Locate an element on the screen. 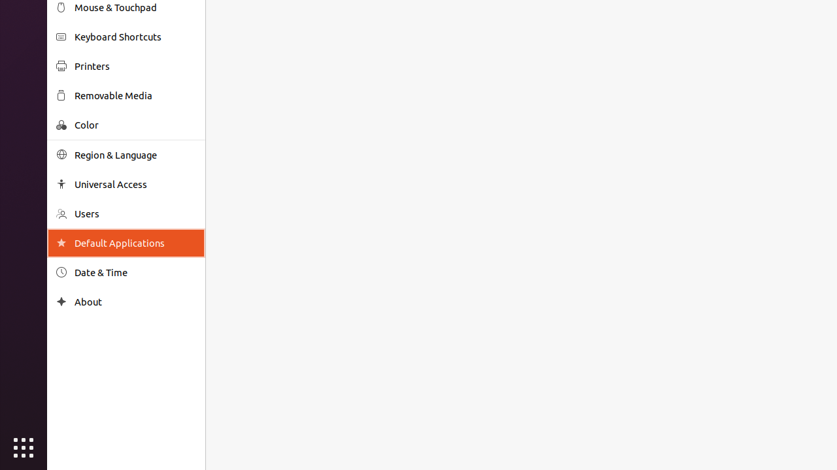  'Universal Access' is located at coordinates (135, 184).